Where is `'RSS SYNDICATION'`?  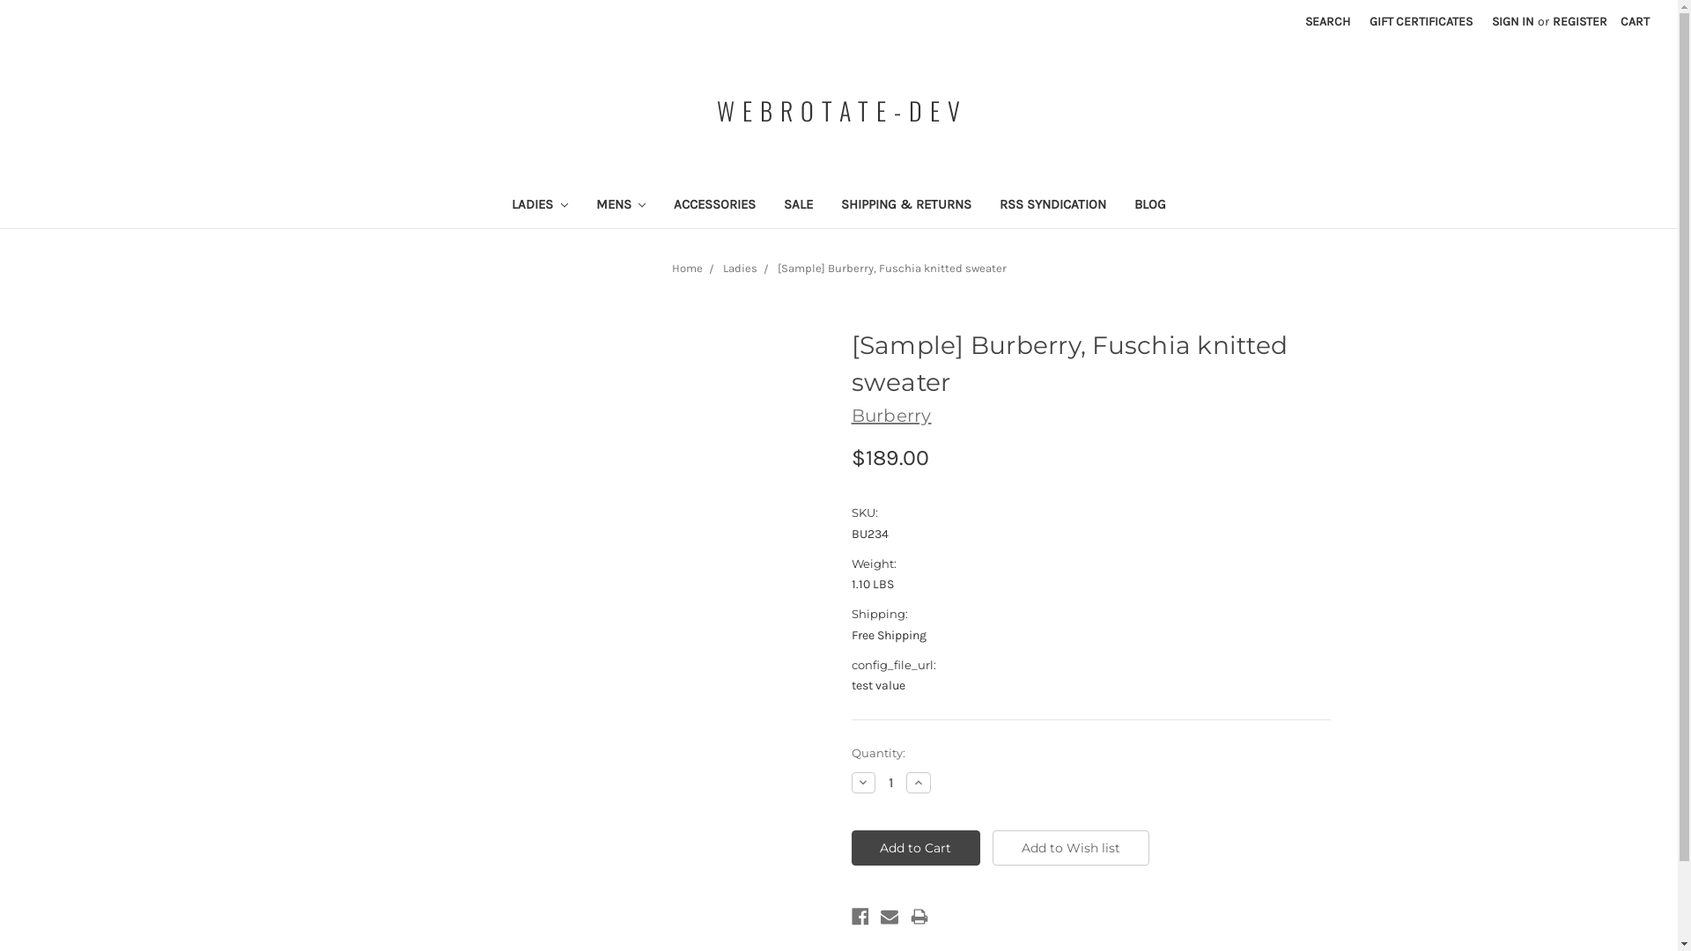 'RSS SYNDICATION' is located at coordinates (1052, 205).